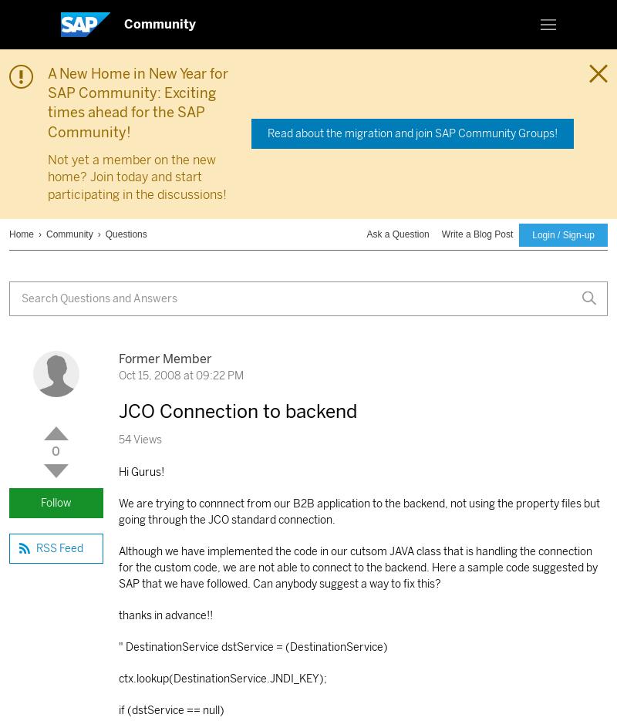  What do you see at coordinates (118, 440) in the screenshot?
I see `'54 Views'` at bounding box center [118, 440].